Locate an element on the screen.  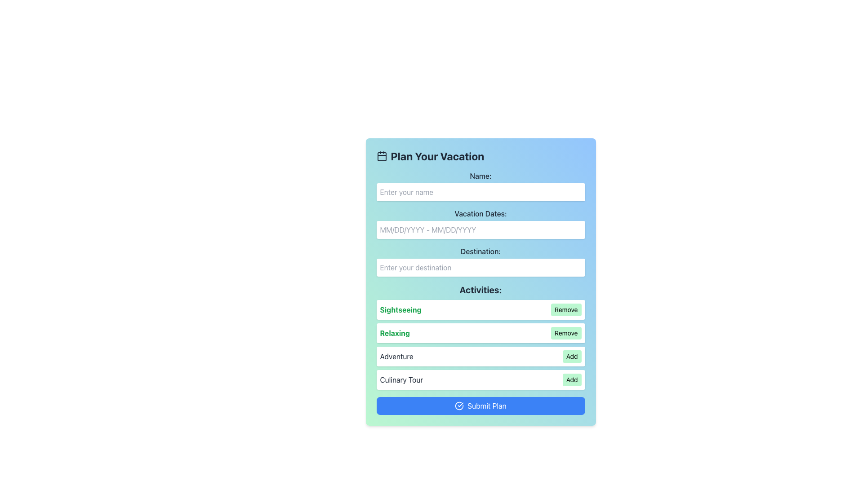
the button located at the bottom-right position of the 'Adventure' activity group is located at coordinates (571, 356).